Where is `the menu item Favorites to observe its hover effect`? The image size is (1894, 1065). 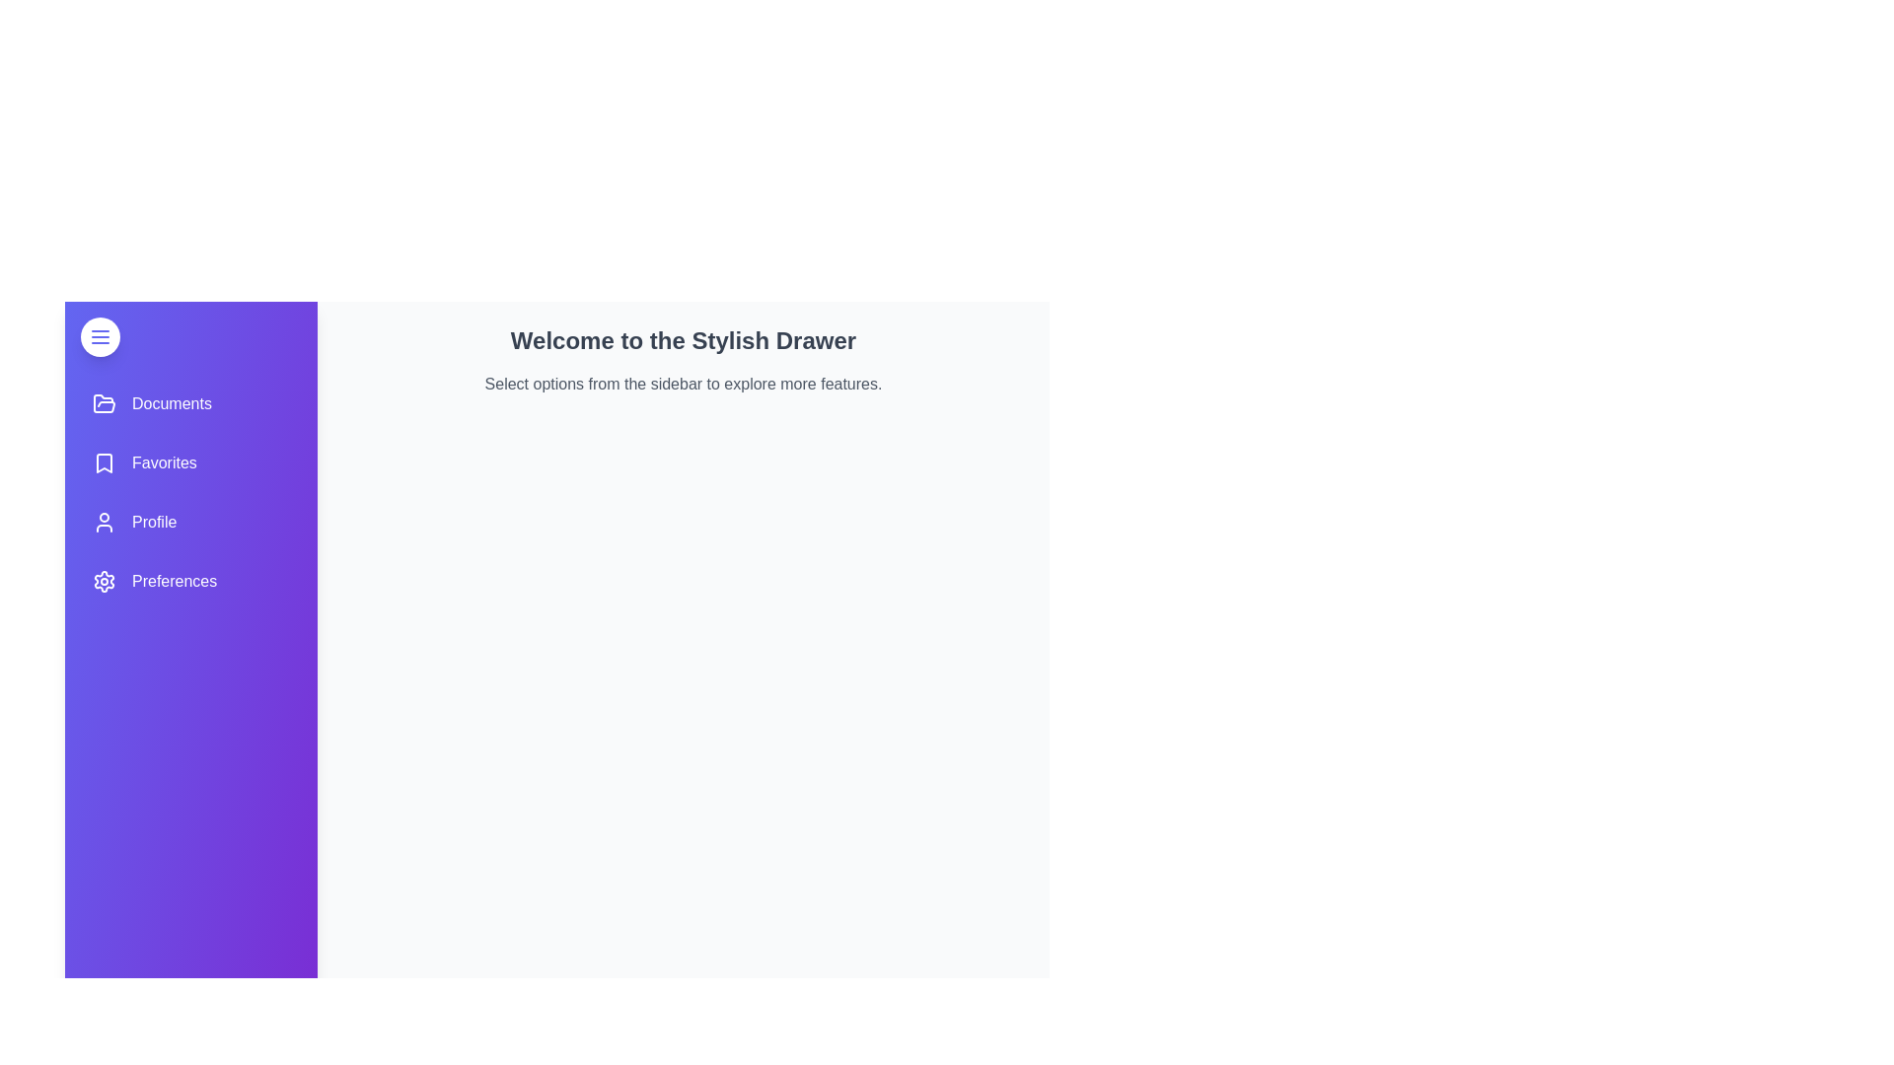 the menu item Favorites to observe its hover effect is located at coordinates (190, 463).